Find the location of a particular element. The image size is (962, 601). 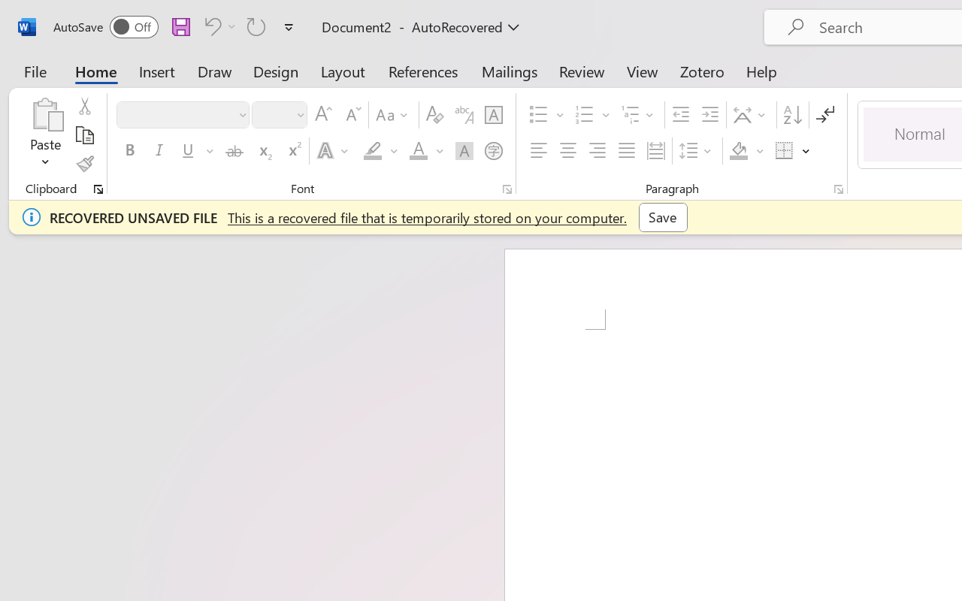

'Shading RGB(0, 0, 0)' is located at coordinates (739, 151).